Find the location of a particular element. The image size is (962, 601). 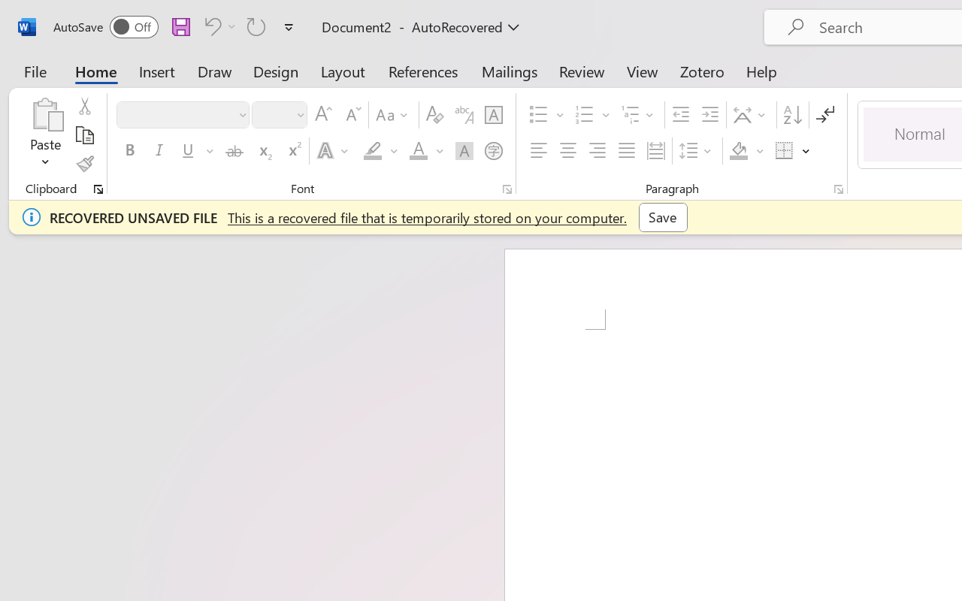

'Shading RGB(0, 0, 0)' is located at coordinates (739, 151).